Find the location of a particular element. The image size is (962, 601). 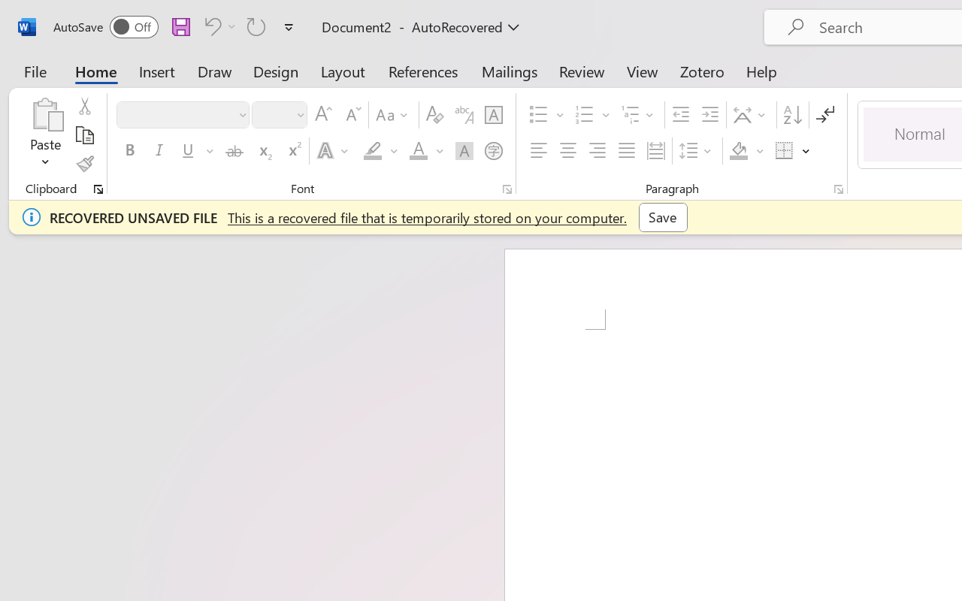

'Shading RGB(0, 0, 0)' is located at coordinates (739, 151).